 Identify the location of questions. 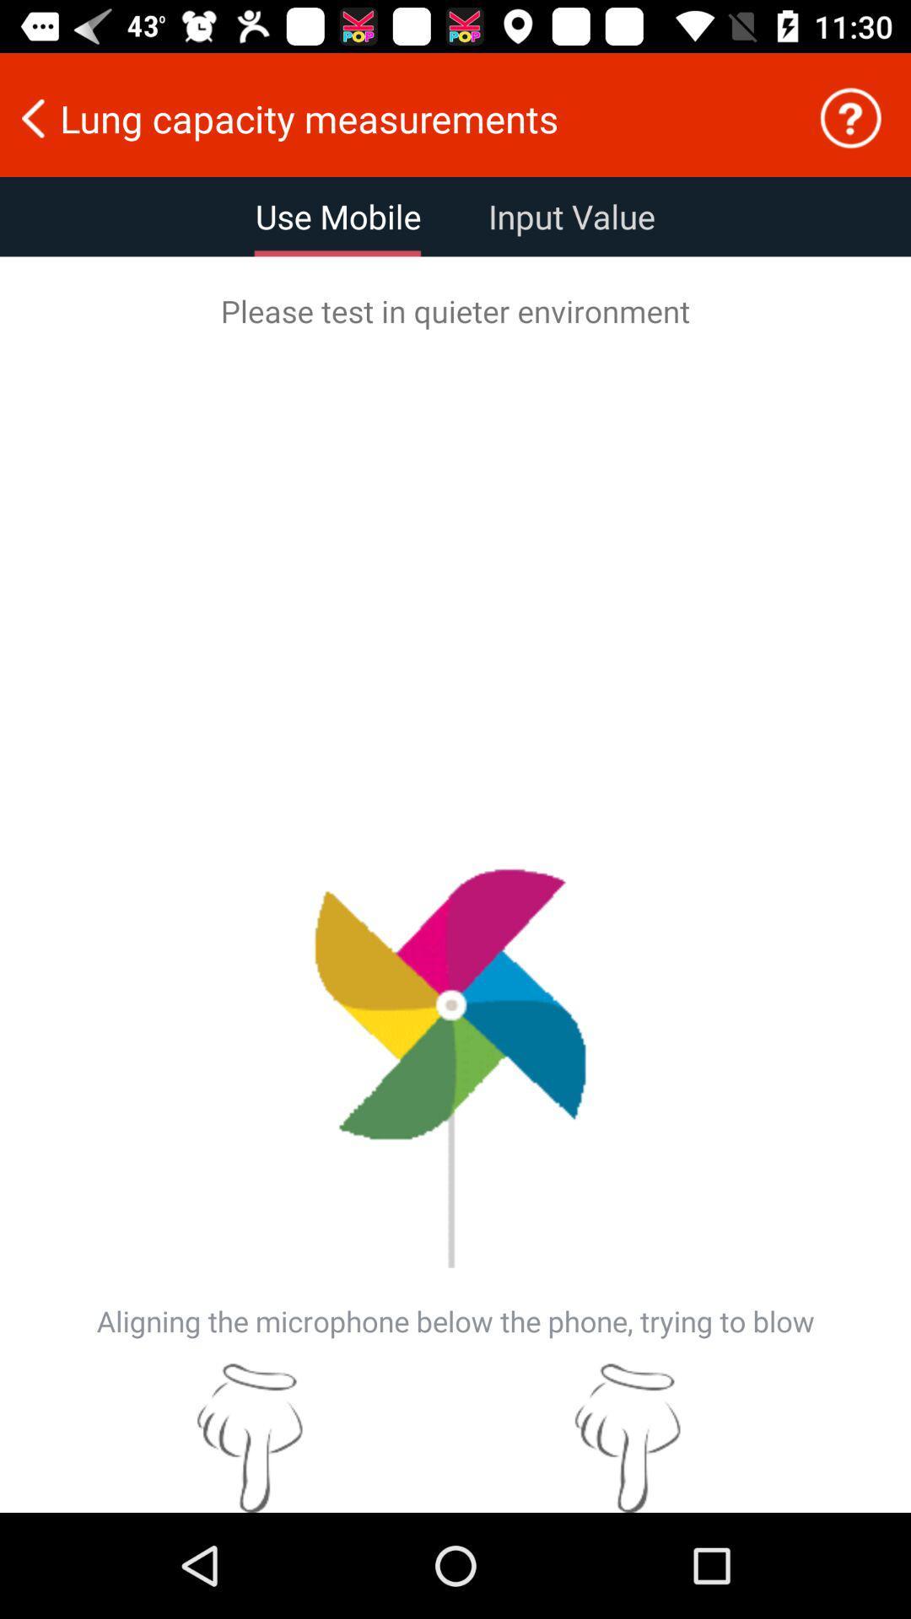
(850, 117).